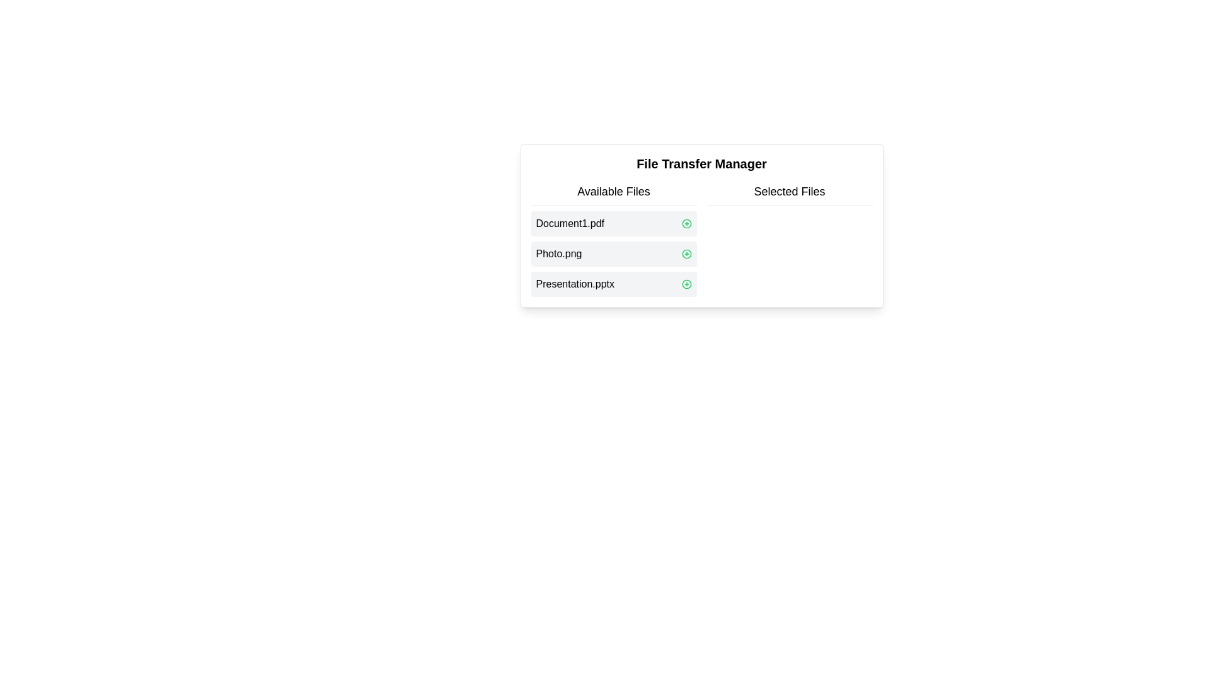 The width and height of the screenshot is (1210, 681). Describe the element at coordinates (686, 284) in the screenshot. I see `the button with a plus icon located in the far right of the row for the file 'Presentation.pptx'` at that location.